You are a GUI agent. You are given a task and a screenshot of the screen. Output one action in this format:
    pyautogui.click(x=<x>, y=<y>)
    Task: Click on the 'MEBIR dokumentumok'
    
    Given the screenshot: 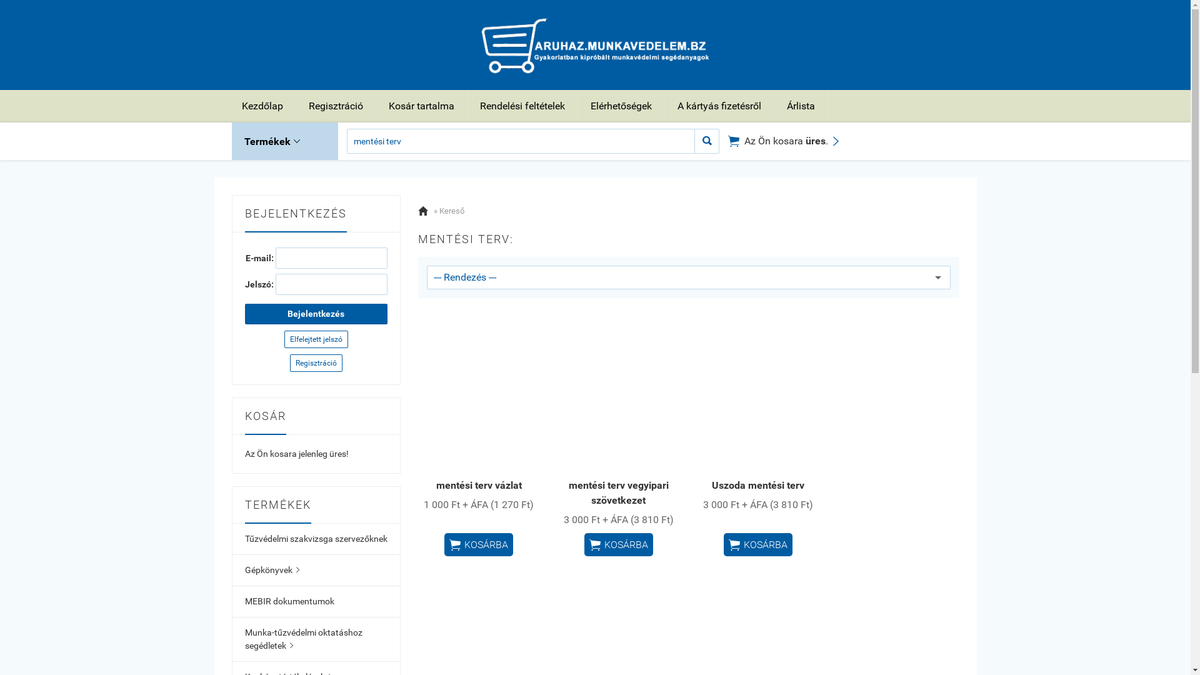 What is the action you would take?
    pyautogui.click(x=316, y=601)
    